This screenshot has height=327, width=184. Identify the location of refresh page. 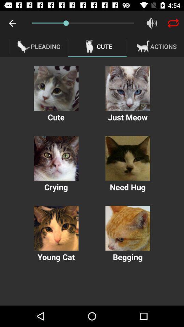
(173, 23).